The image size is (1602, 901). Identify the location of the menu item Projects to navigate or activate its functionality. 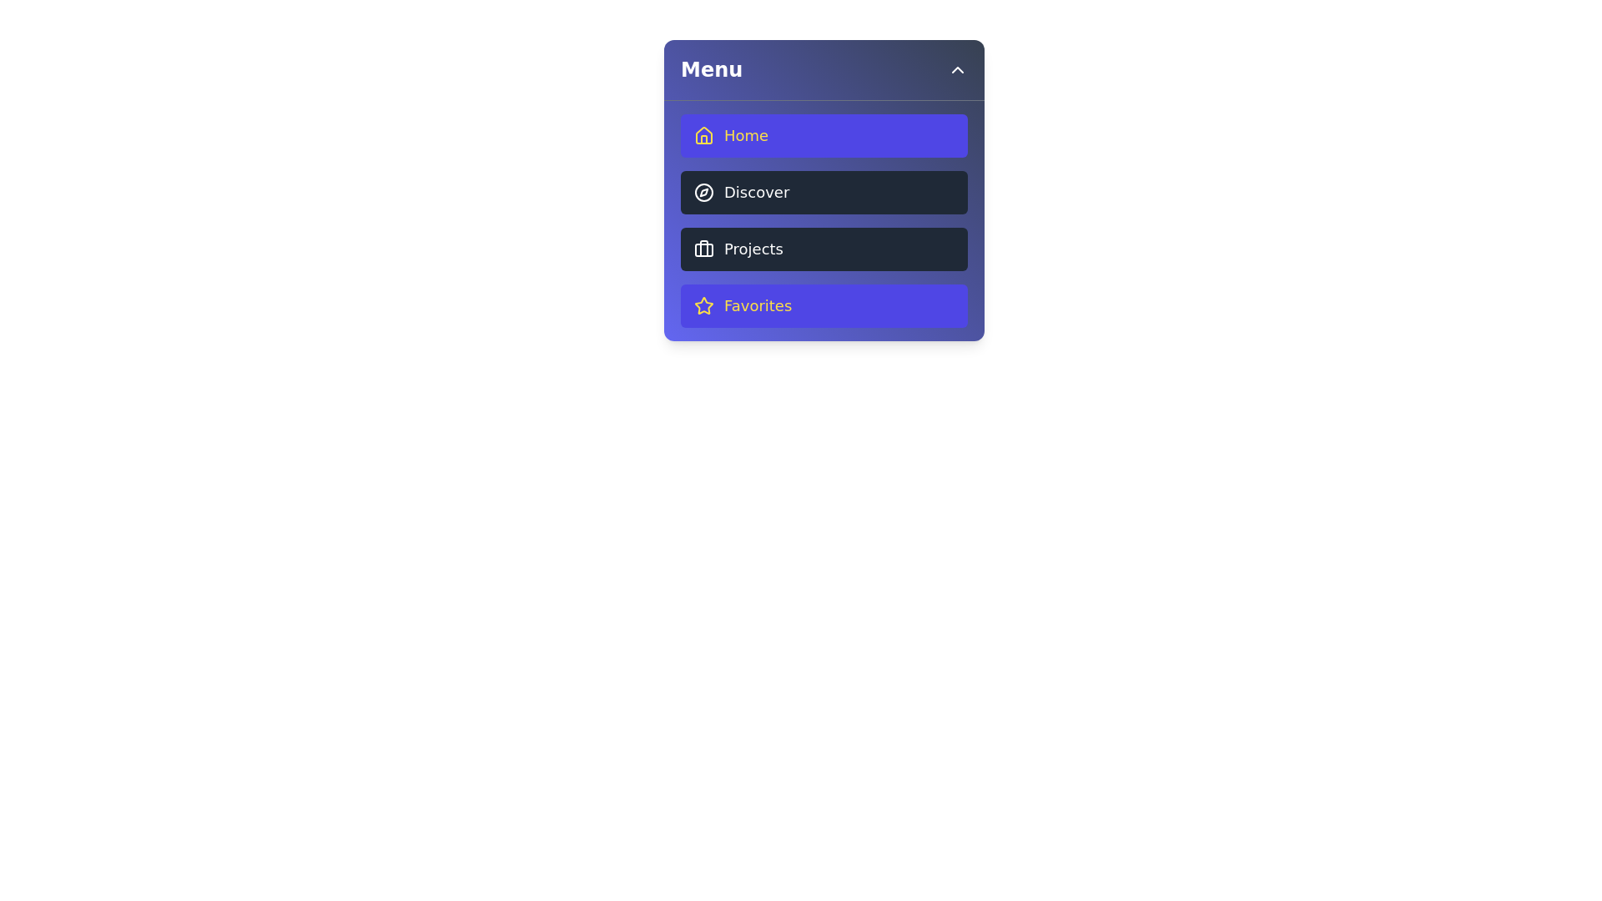
(824, 249).